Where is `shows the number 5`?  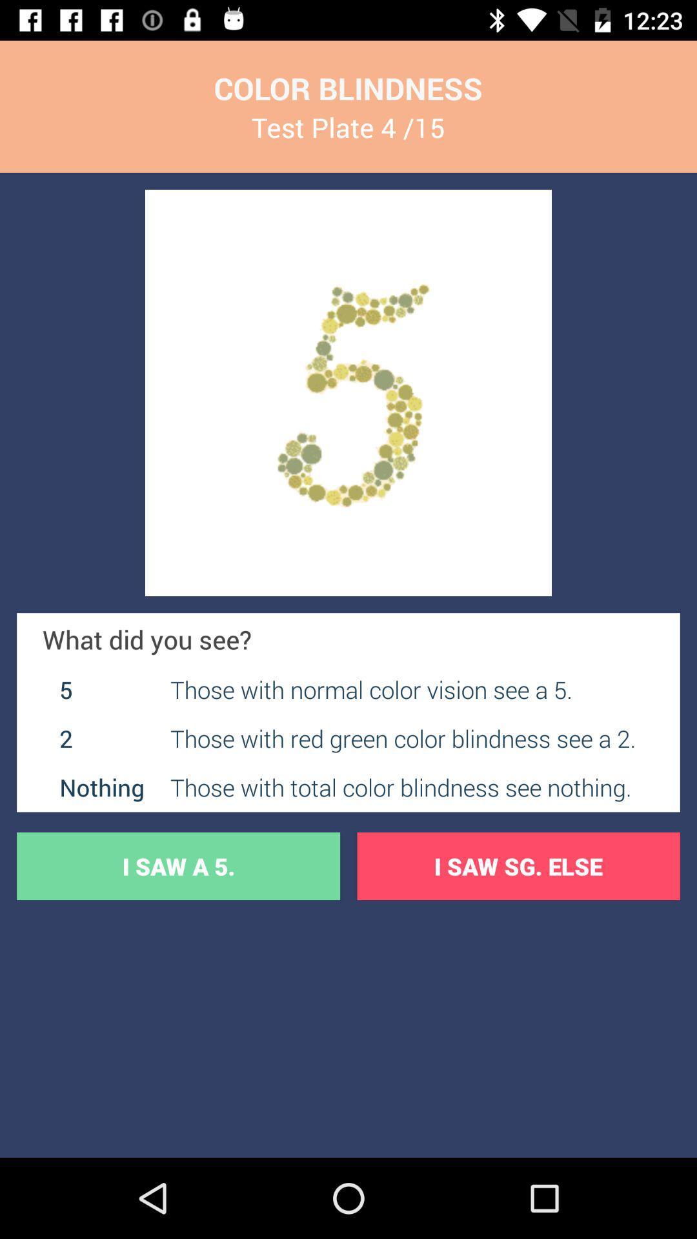 shows the number 5 is located at coordinates (348, 392).